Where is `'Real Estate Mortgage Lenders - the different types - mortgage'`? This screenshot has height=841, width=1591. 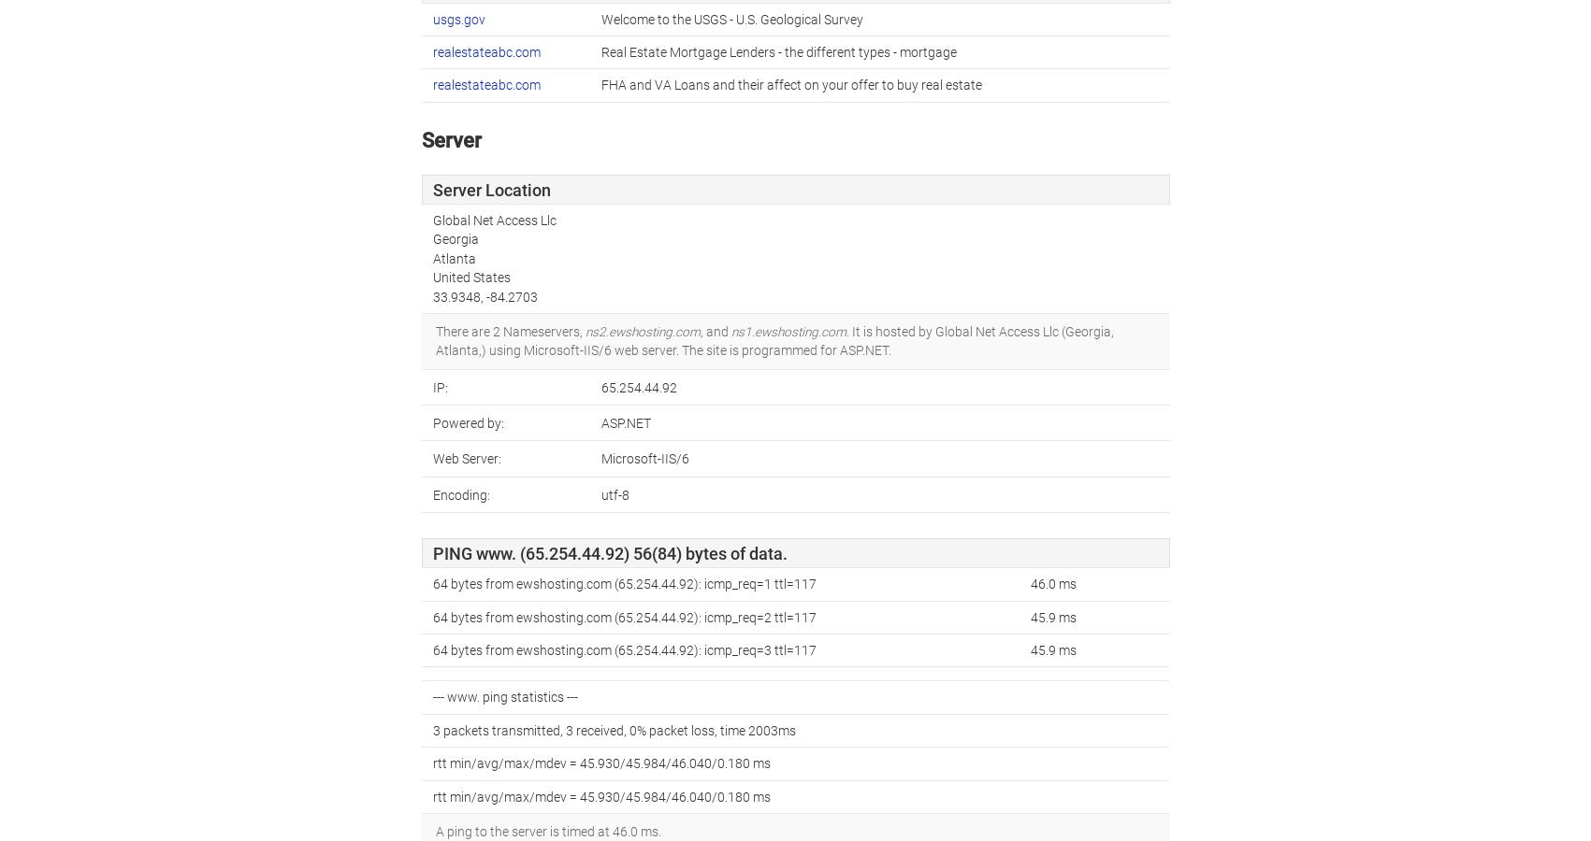 'Real Estate Mortgage Lenders - the different types - mortgage' is located at coordinates (777, 50).